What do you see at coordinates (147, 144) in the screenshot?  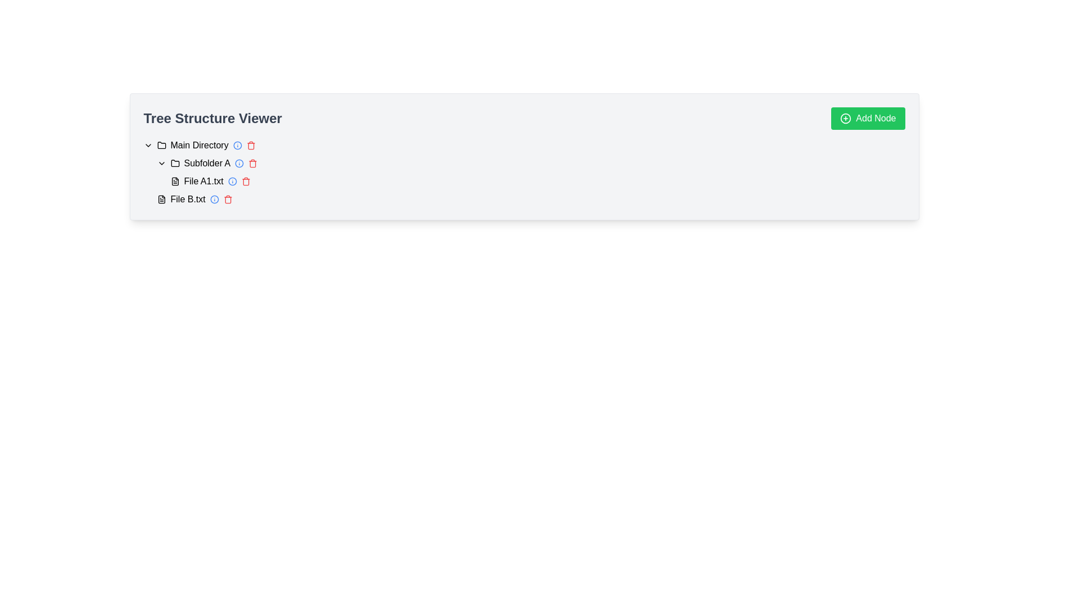 I see `the dropdown toggle icon located to the immediate left of the text 'Main Directory'` at bounding box center [147, 144].